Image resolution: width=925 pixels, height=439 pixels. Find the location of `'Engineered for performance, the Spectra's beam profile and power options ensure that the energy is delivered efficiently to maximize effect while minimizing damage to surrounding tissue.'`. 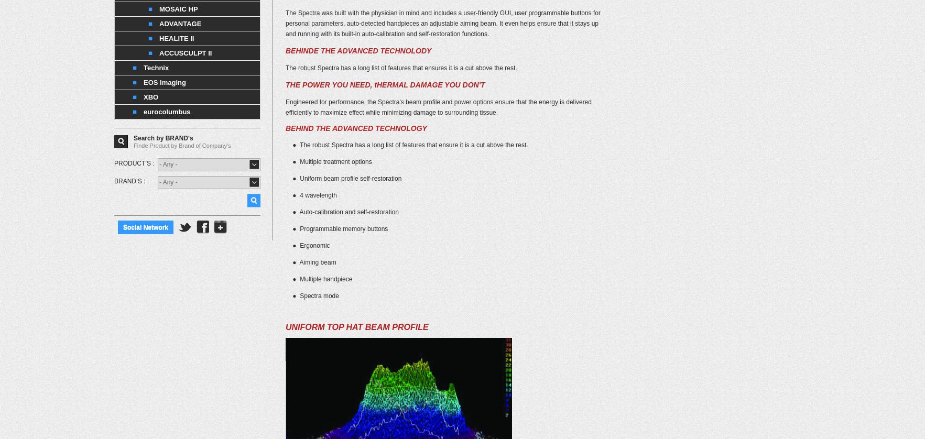

'Engineered for performance, the Spectra's beam profile and power options ensure that the energy is delivered efficiently to maximize effect while minimizing damage to surrounding tissue.' is located at coordinates (438, 107).